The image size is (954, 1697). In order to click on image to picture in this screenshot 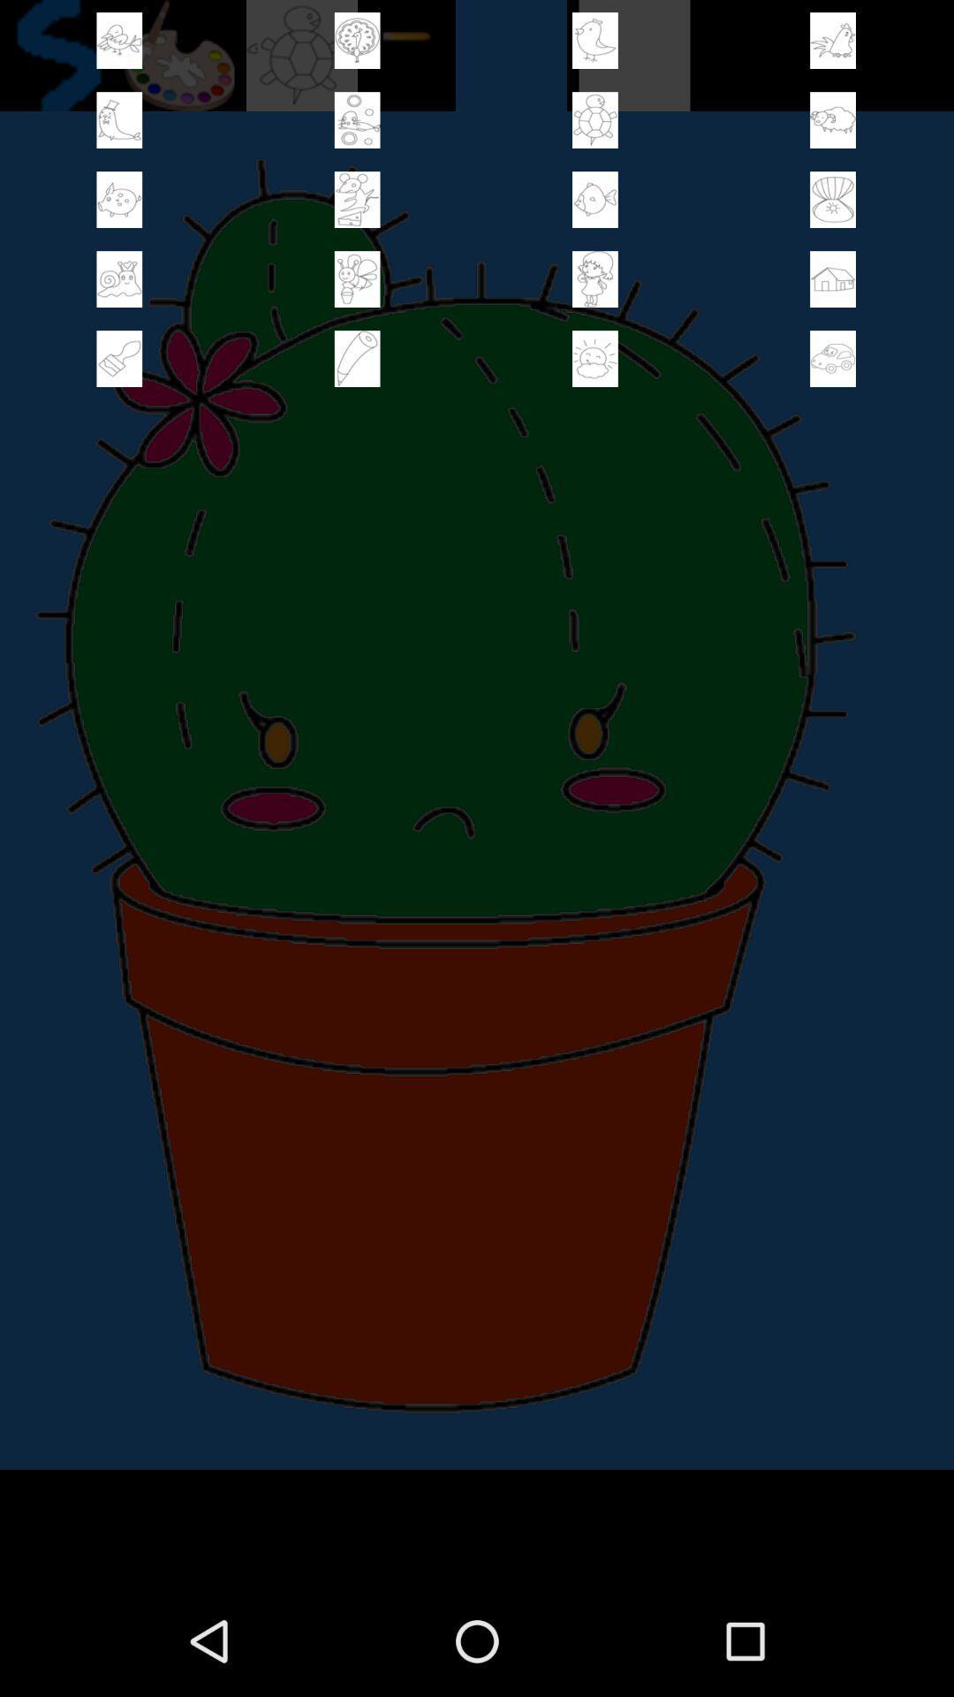, I will do `click(833, 200)`.